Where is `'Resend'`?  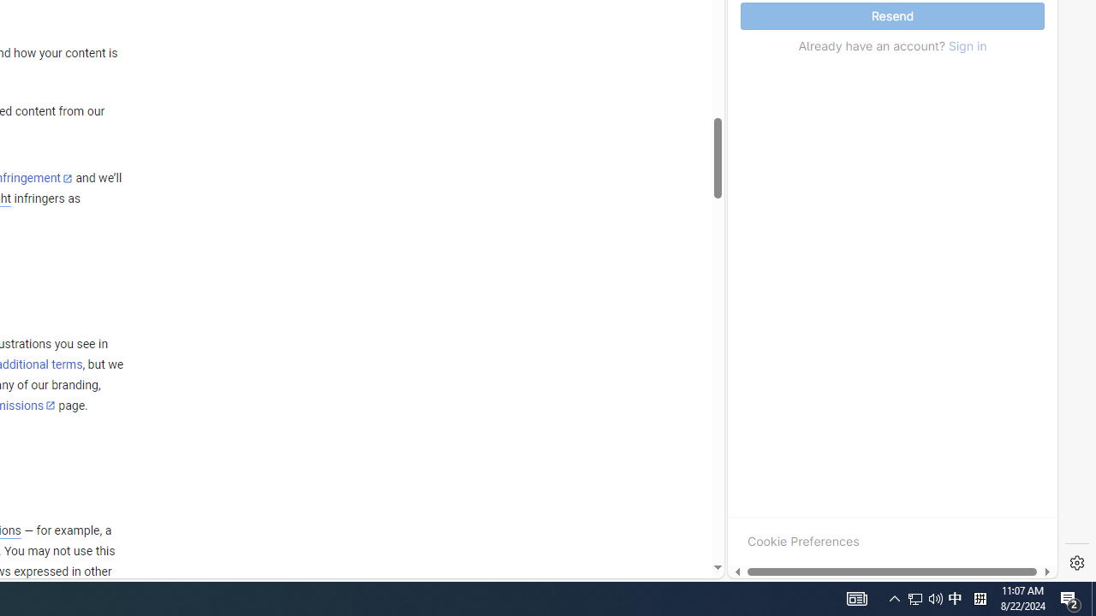
'Resend' is located at coordinates (891, 16).